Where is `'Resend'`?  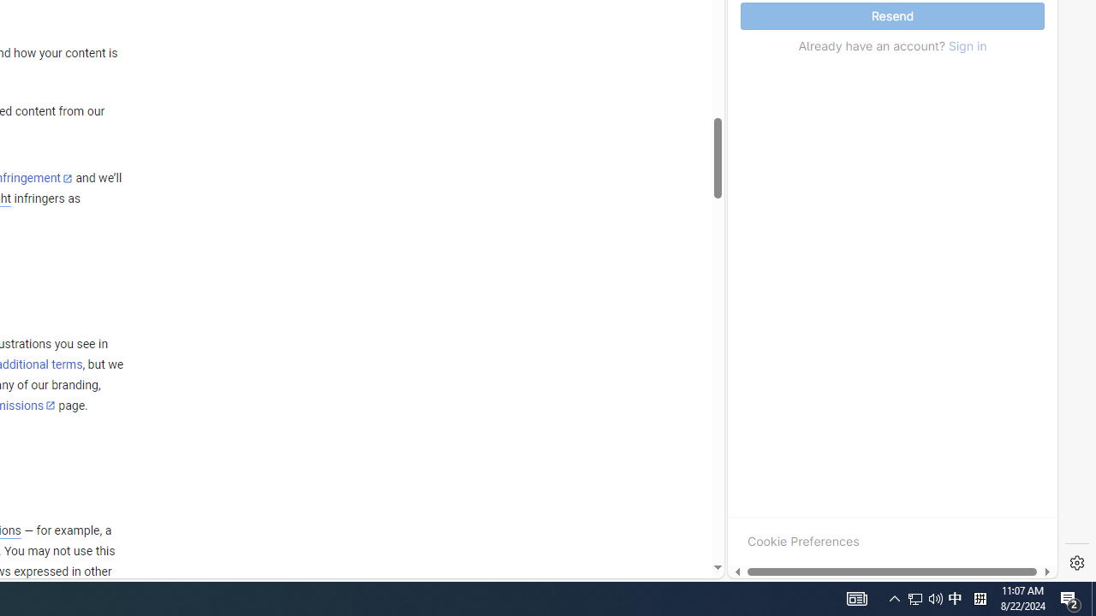
'Resend' is located at coordinates (891, 16).